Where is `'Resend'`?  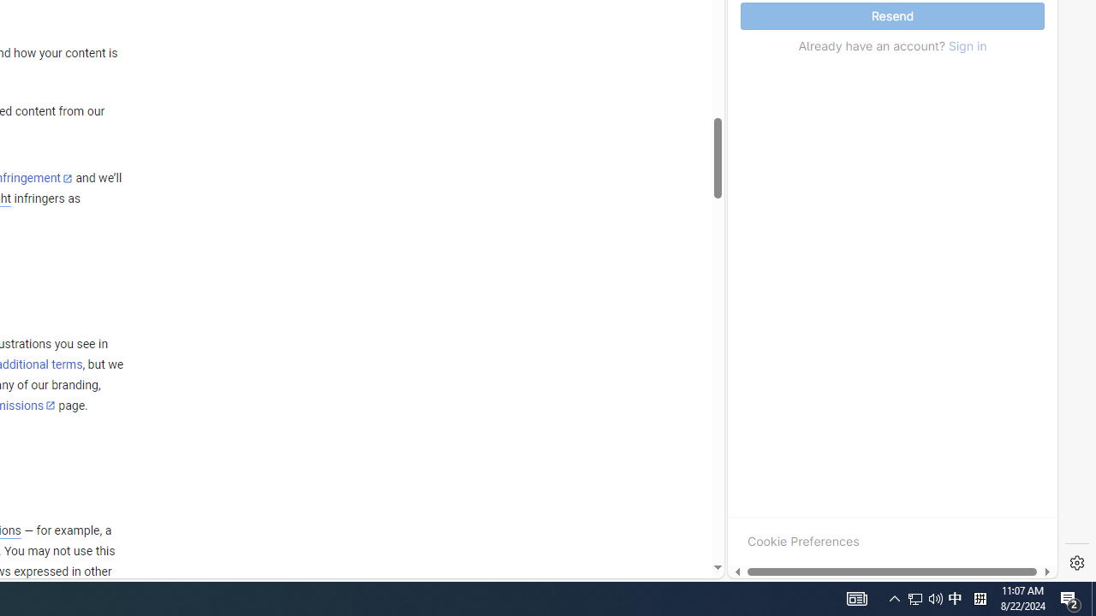
'Resend' is located at coordinates (891, 16).